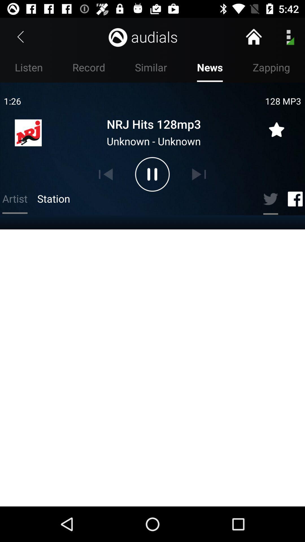 Image resolution: width=305 pixels, height=542 pixels. Describe the element at coordinates (106, 174) in the screenshot. I see `the skip_previous icon` at that location.